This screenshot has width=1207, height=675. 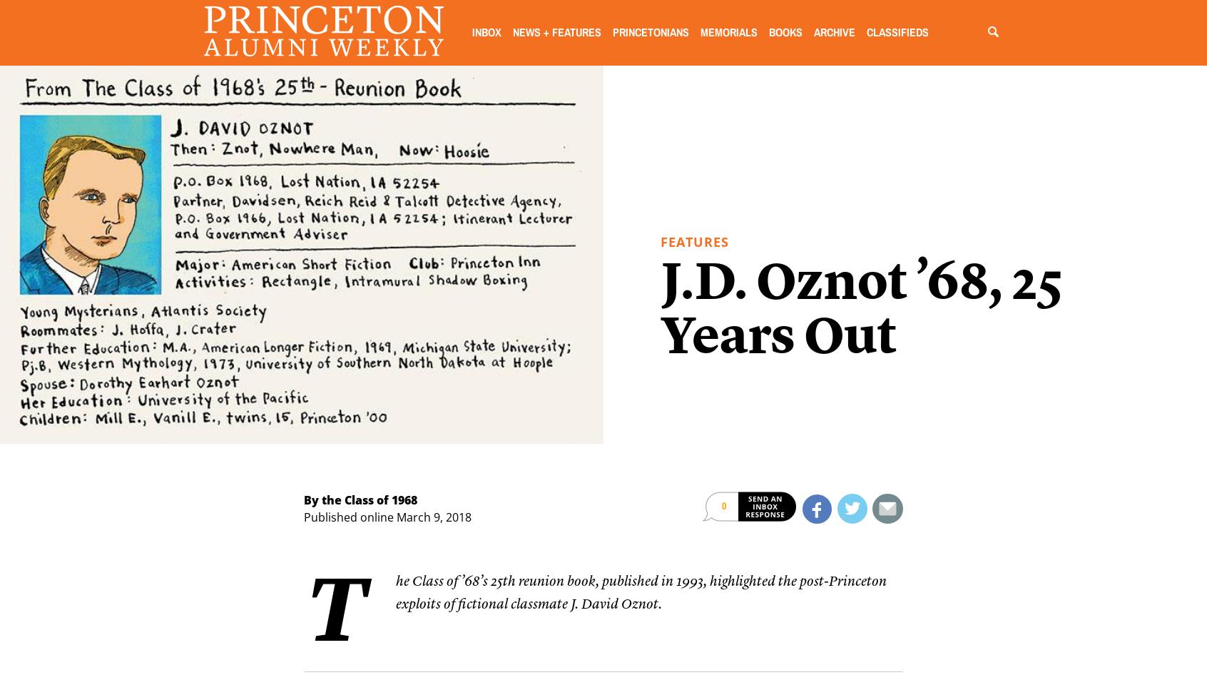 I want to click on 'Princetonians', so click(x=611, y=32).